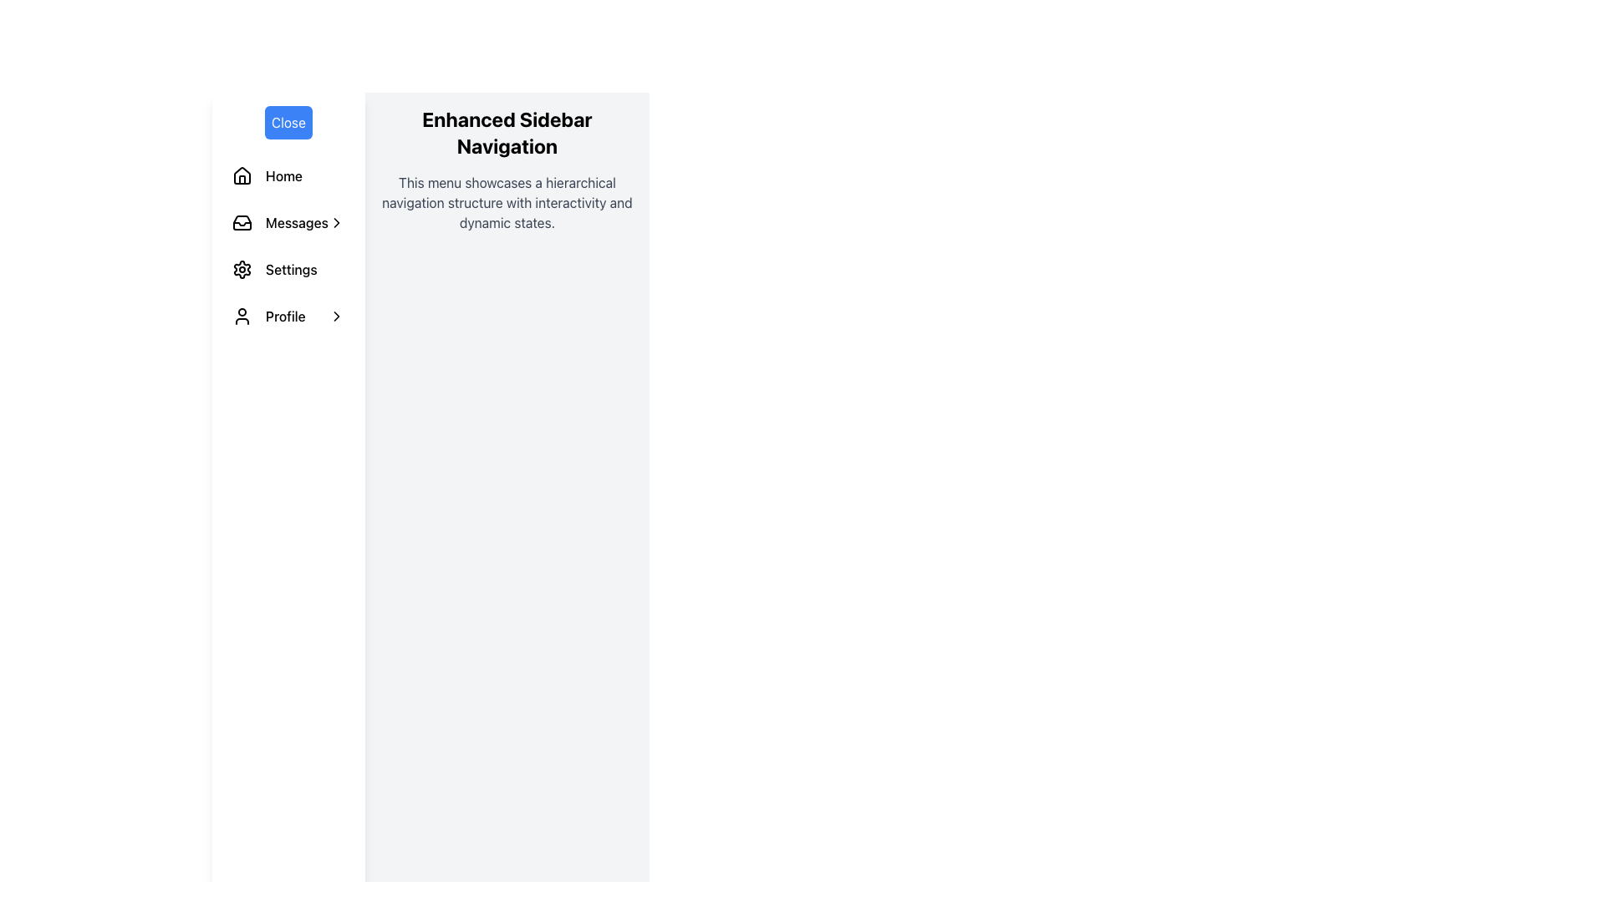 This screenshot has height=902, width=1605. Describe the element at coordinates (288, 316) in the screenshot. I see `the 'Profile' navigation button, which is the fourth item in the vertical navigation menu` at that location.